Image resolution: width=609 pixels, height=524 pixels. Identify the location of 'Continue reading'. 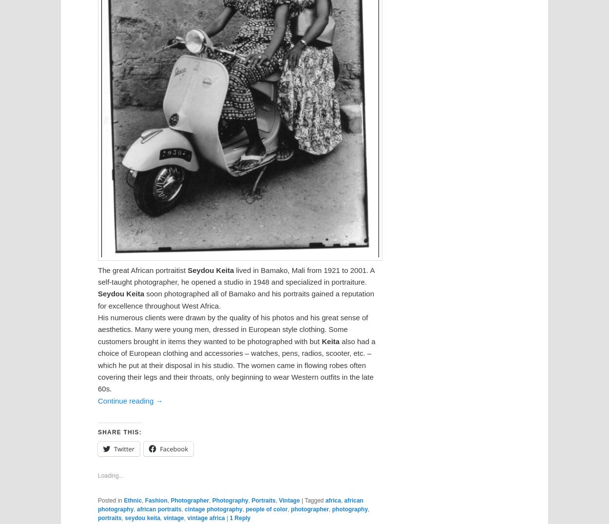
(127, 400).